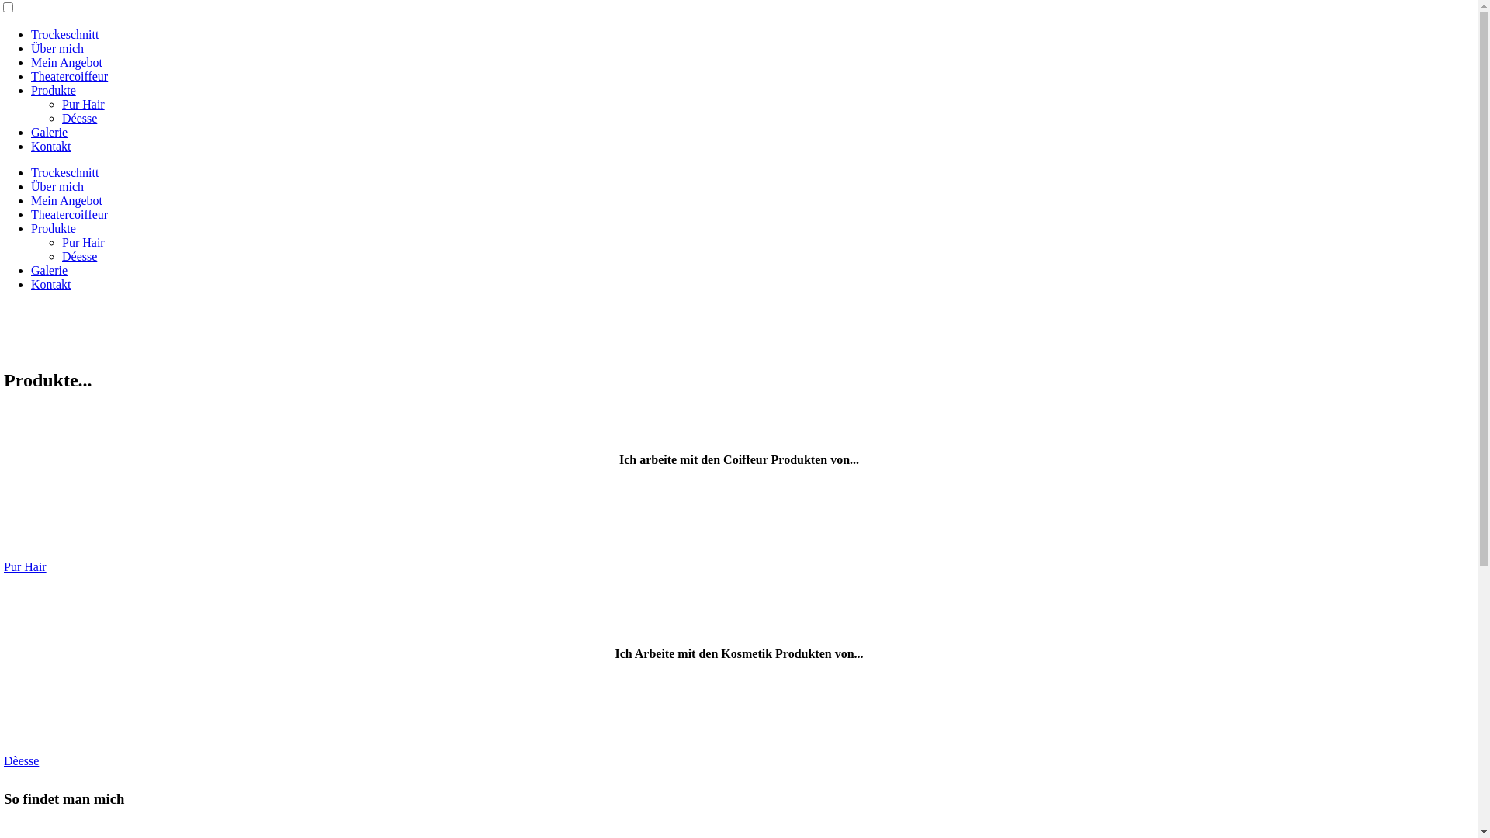 The height and width of the screenshot is (838, 1490). What do you see at coordinates (49, 131) in the screenshot?
I see `'Galerie'` at bounding box center [49, 131].